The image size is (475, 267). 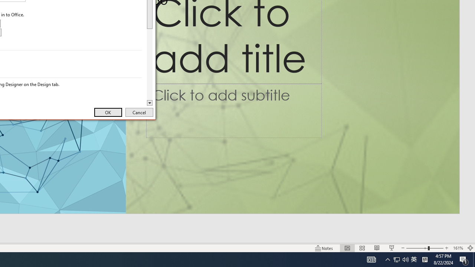 What do you see at coordinates (371, 259) in the screenshot?
I see `'AutomationID: 4105'` at bounding box center [371, 259].